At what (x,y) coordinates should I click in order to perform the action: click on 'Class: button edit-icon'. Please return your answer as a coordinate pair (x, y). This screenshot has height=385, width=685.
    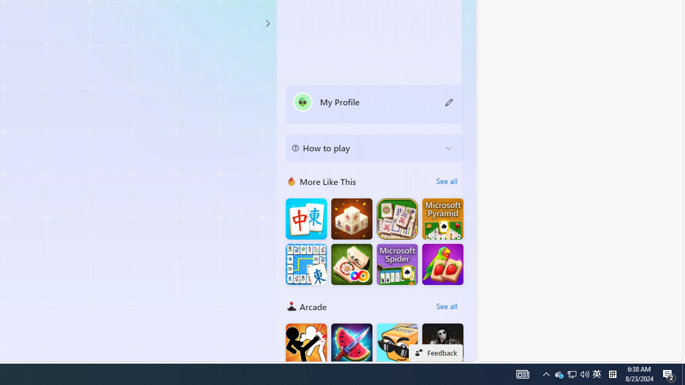
    Looking at the image, I should click on (449, 102).